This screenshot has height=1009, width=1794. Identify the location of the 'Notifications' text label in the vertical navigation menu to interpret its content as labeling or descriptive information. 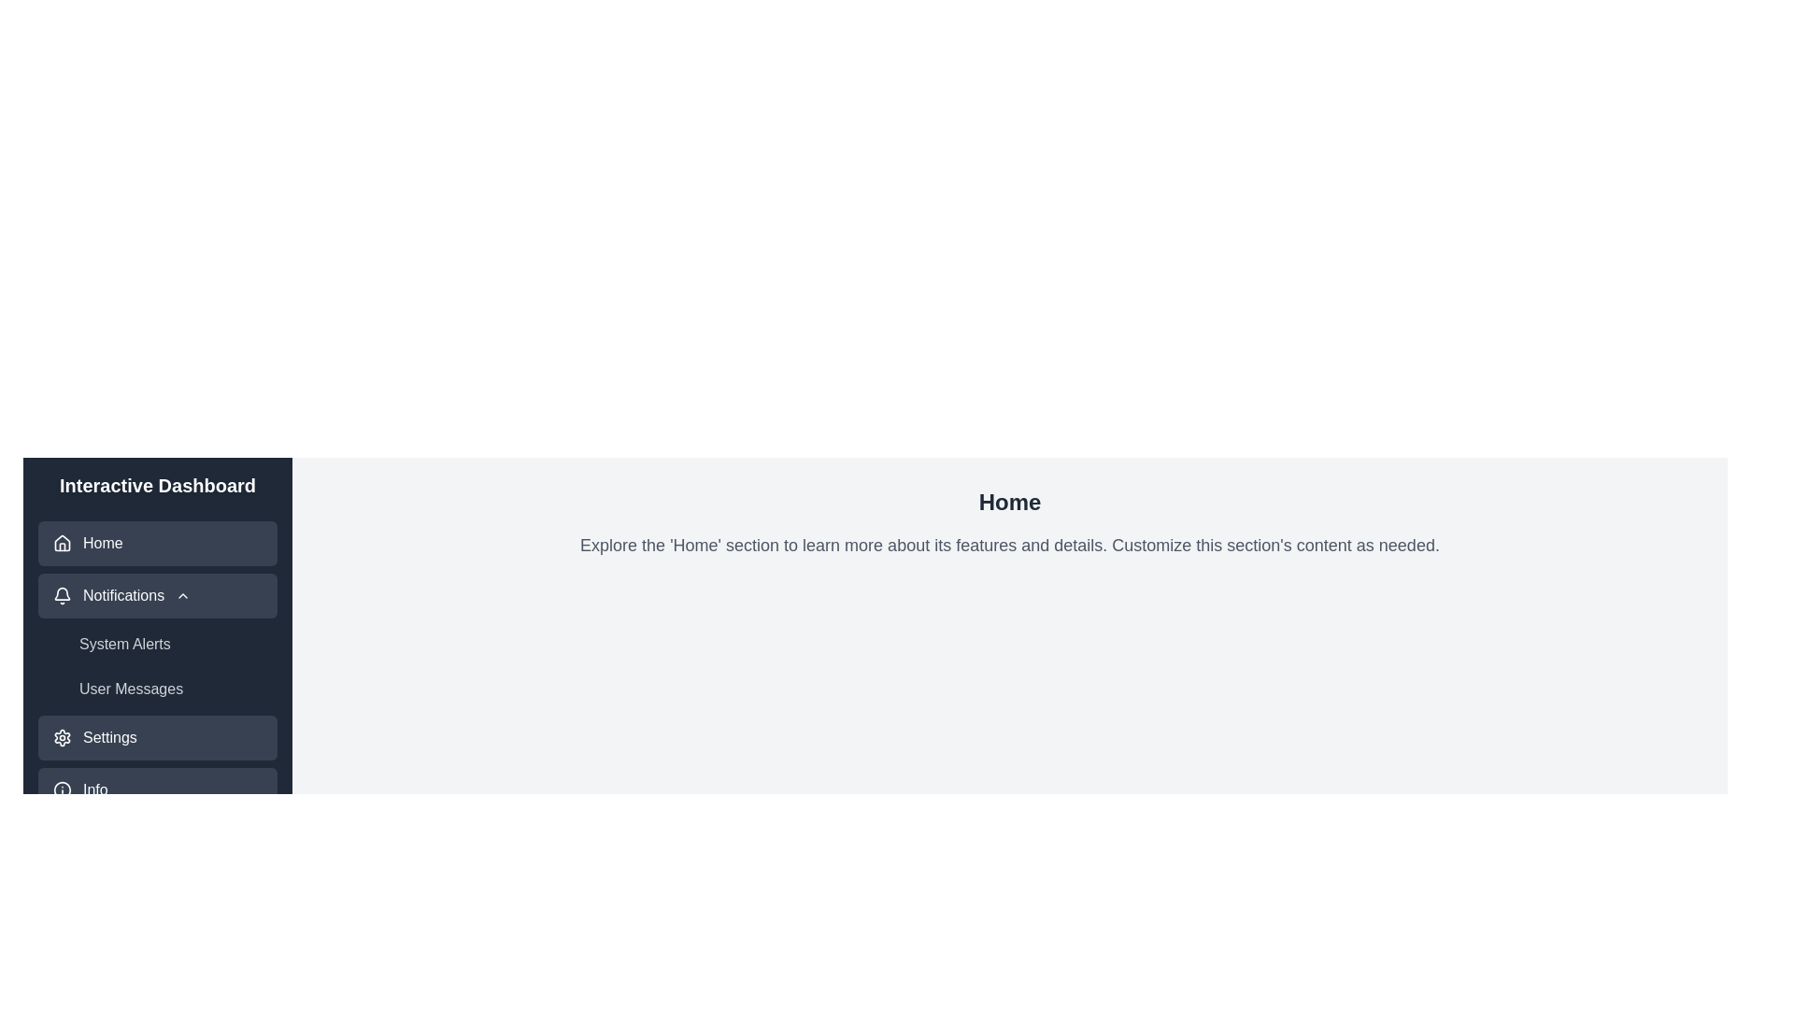
(122, 595).